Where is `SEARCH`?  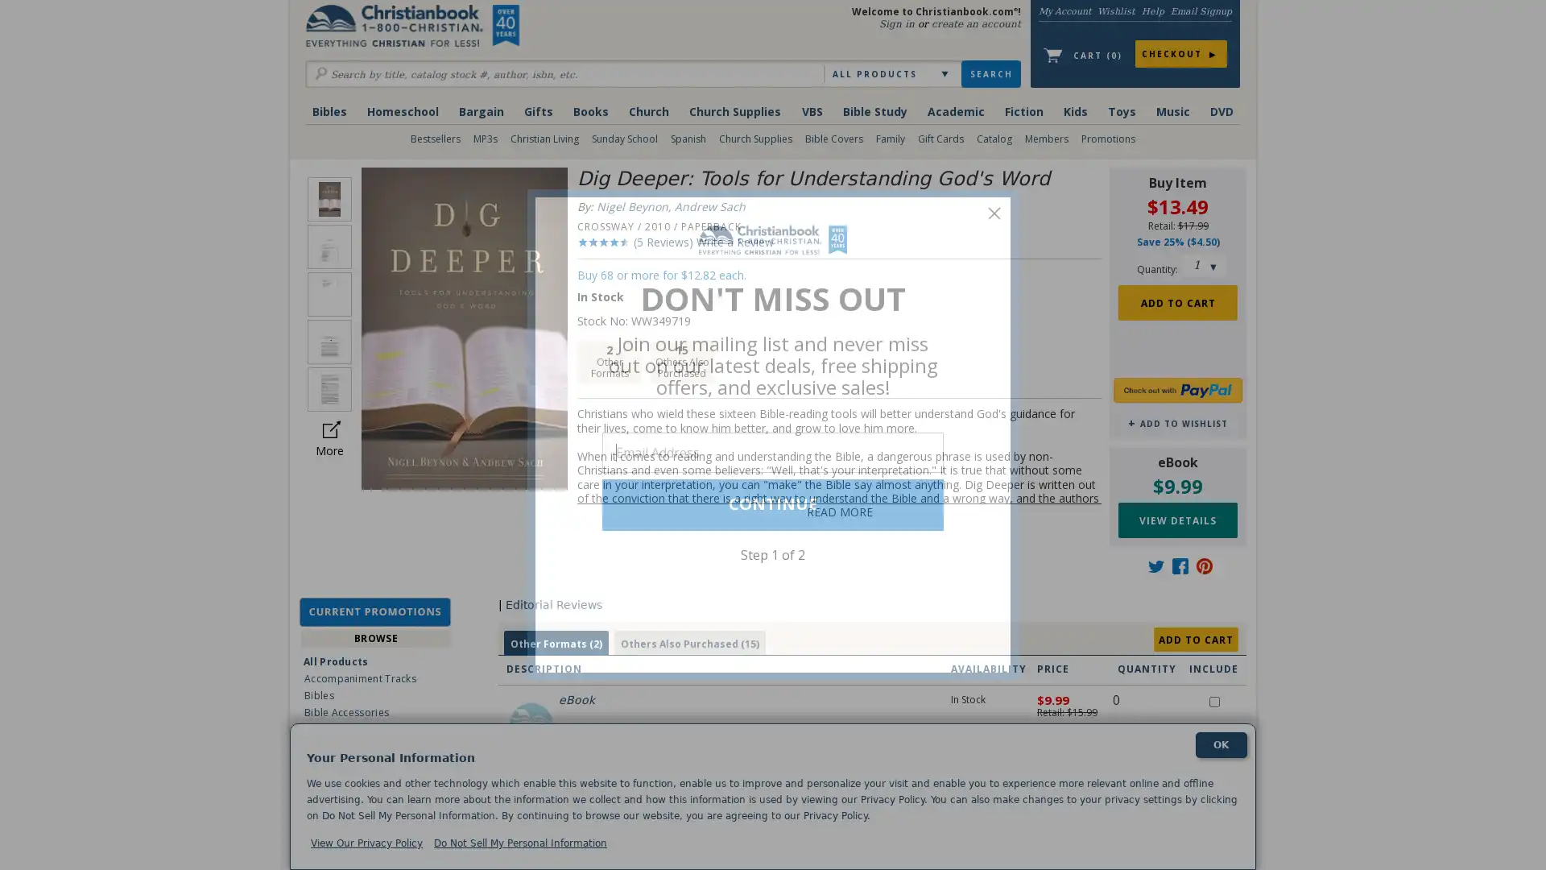
SEARCH is located at coordinates (990, 74).